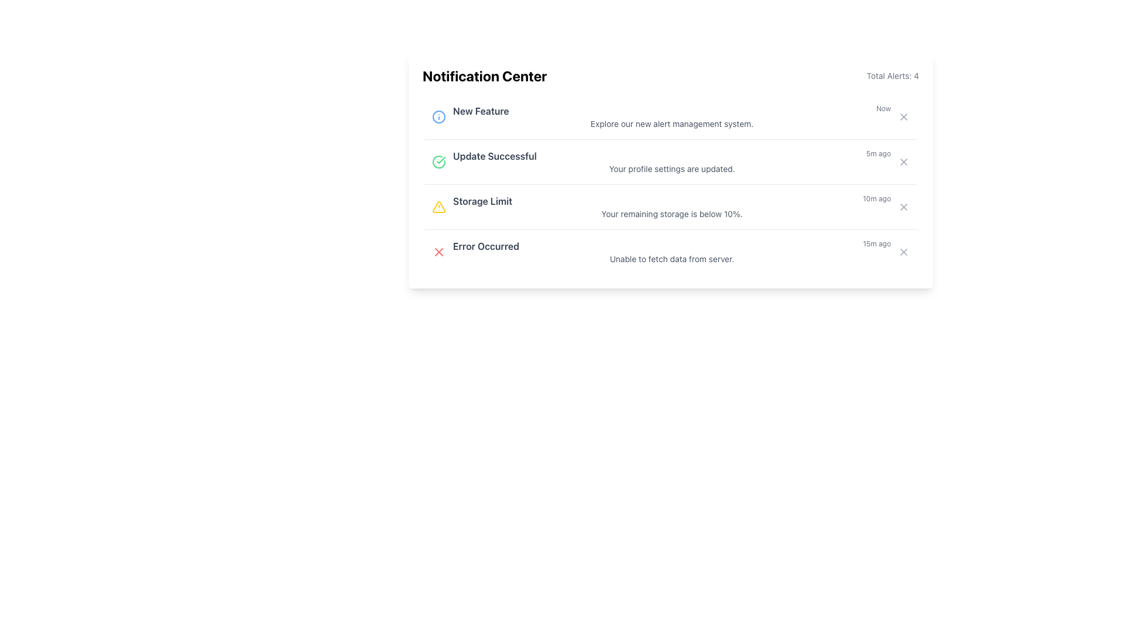  Describe the element at coordinates (485, 76) in the screenshot. I see `text from the 'Notification Center' label, which is styled in bold black and prominently displayed in the upper-left corner of the notifications section` at that location.